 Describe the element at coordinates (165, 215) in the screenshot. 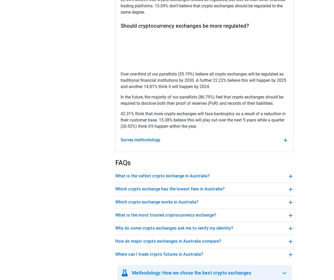

I see `'What is the most trusted cryptocurrency exchange?'` at that location.